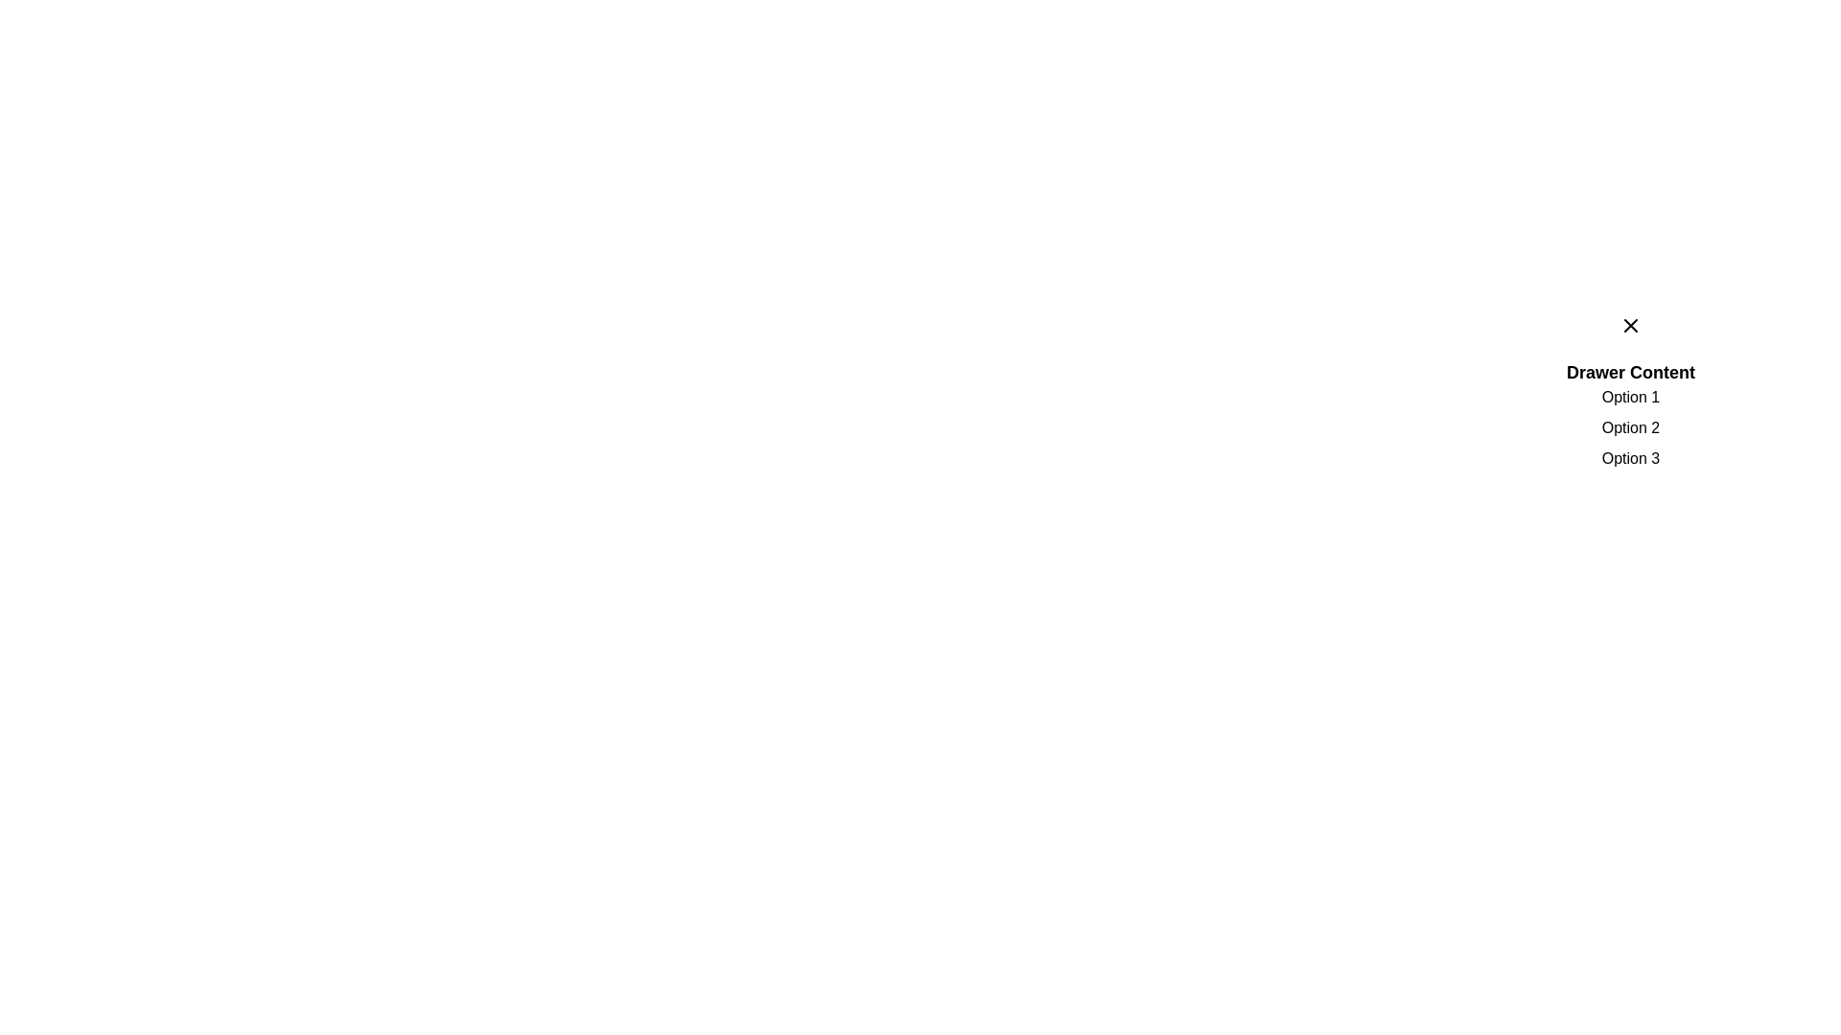 This screenshot has height=1035, width=1841. Describe the element at coordinates (1629, 427) in the screenshot. I see `the second item in the vertically stacked list of options` at that location.